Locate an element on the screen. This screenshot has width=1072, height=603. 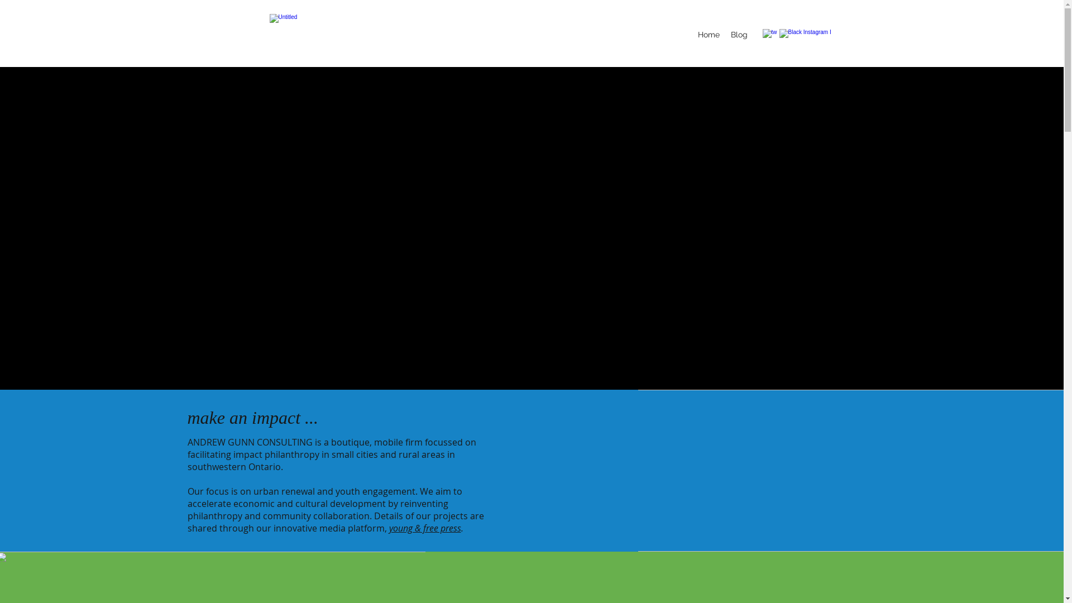
'Blog' is located at coordinates (739, 33).